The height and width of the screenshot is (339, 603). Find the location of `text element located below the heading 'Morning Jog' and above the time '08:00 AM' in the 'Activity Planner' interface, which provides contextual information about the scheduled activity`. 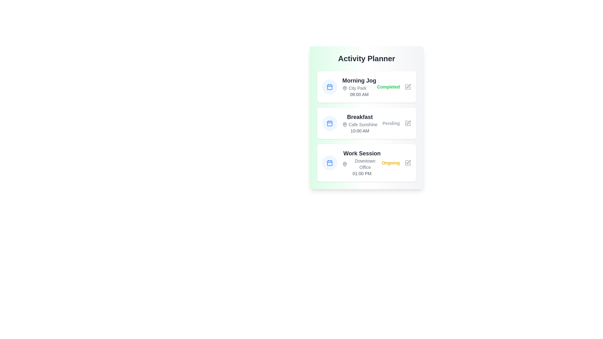

text element located below the heading 'Morning Jog' and above the time '08:00 AM' in the 'Activity Planner' interface, which provides contextual information about the scheduled activity is located at coordinates (359, 88).